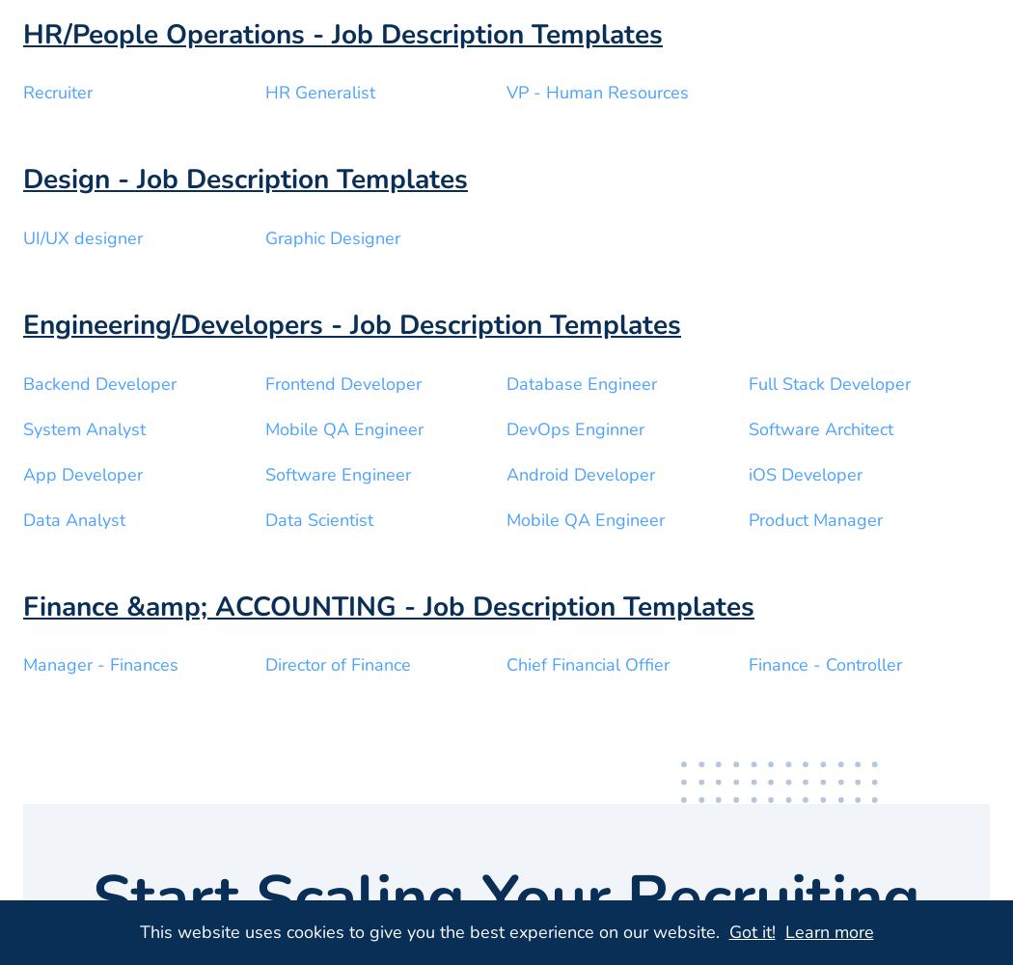  Describe the element at coordinates (137, 931) in the screenshot. I see `'This website uses cookies to give you the best experience on our website.'` at that location.